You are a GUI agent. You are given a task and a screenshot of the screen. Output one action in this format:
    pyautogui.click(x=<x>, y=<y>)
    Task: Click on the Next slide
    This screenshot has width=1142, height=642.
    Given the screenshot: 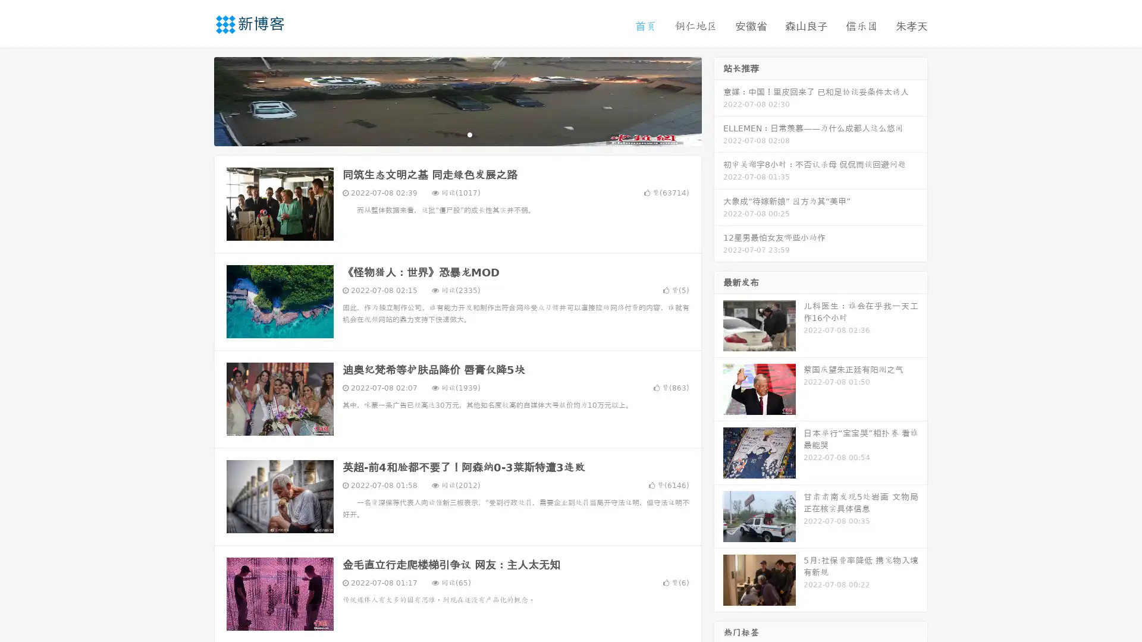 What is the action you would take?
    pyautogui.click(x=719, y=100)
    